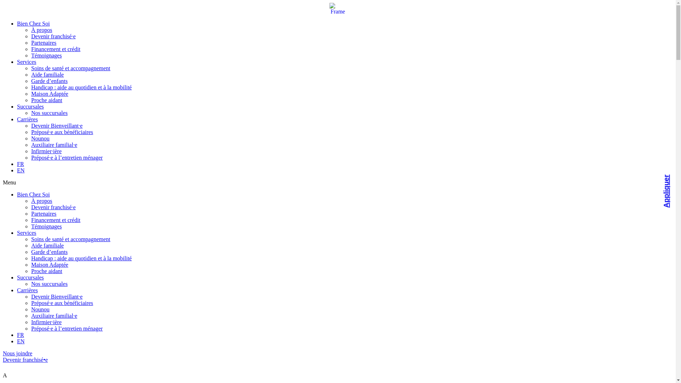 This screenshot has width=681, height=383. I want to click on 'Proche aidant', so click(46, 271).